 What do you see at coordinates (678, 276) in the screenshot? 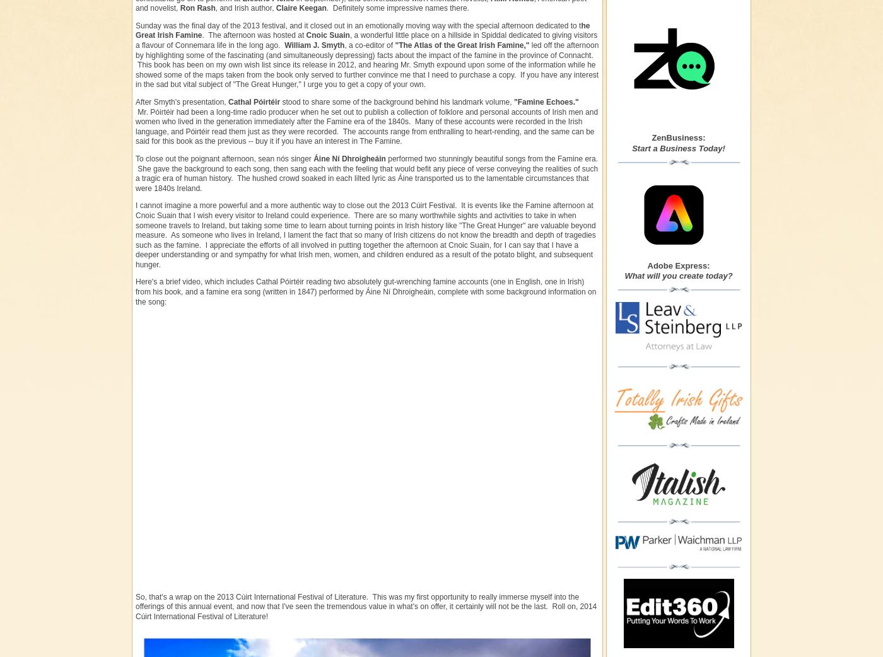
I see `'What will you create today?'` at bounding box center [678, 276].